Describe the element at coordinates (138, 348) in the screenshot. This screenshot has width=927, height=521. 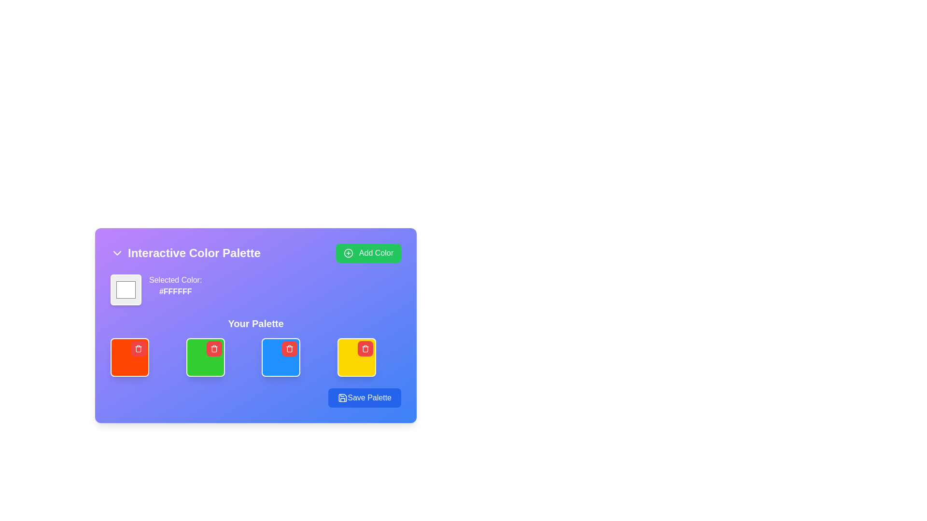
I see `the red trash can button located in the top-right corner of the 'Your Palette' section` at that location.